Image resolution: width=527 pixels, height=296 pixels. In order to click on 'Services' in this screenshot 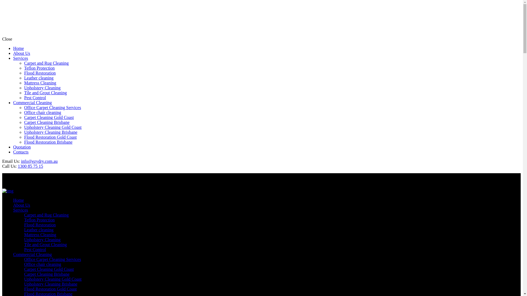, I will do `click(21, 210)`.